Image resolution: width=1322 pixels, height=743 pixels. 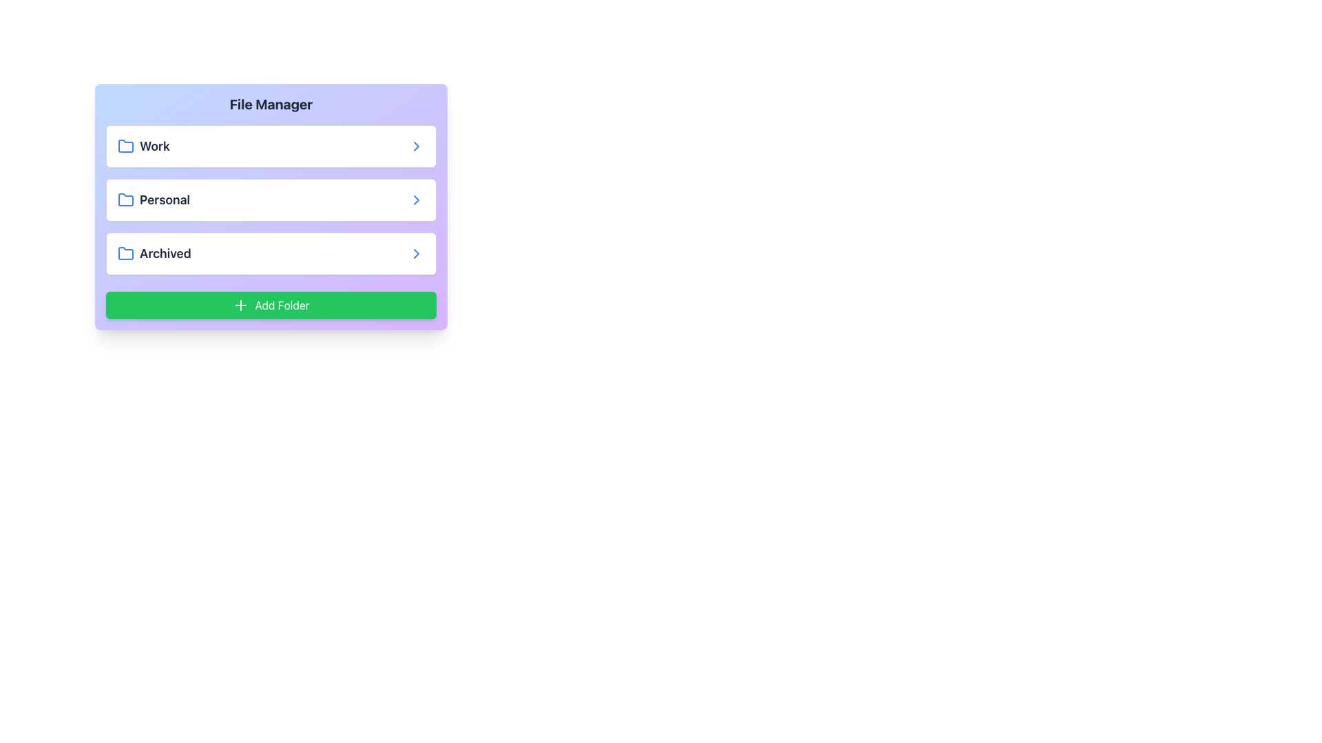 I want to click on the 'Work' text label with the blue folder icon, so click(x=143, y=146).